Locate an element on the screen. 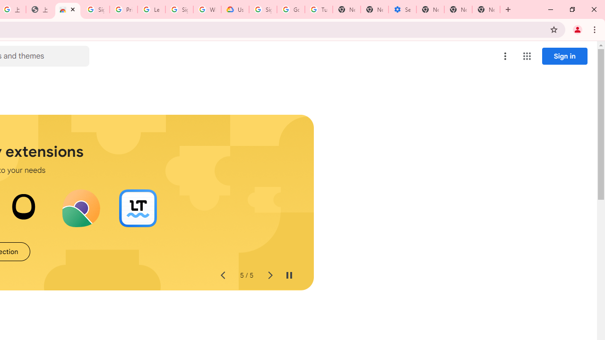 The image size is (605, 340). 'Pause auto-play' is located at coordinates (288, 275).